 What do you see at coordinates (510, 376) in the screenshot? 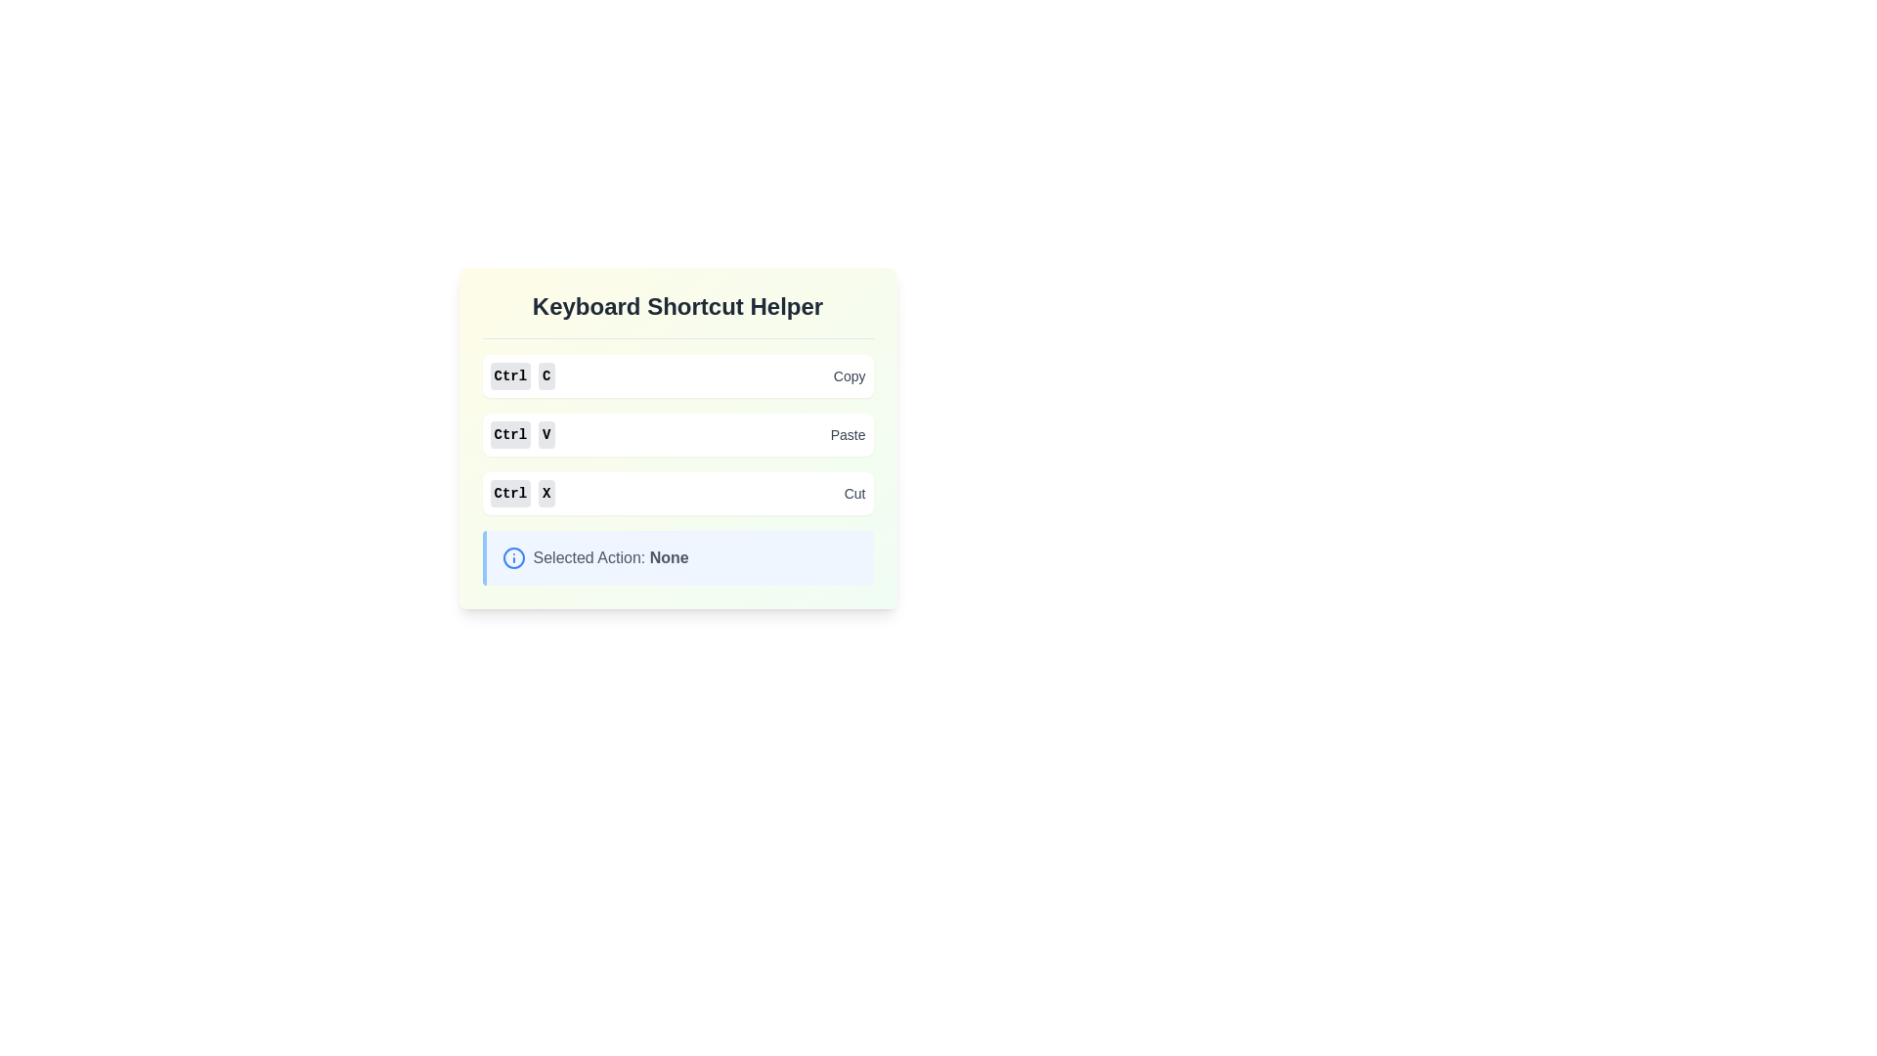
I see `the 'Ctrl' label-type UI element, which is a rectangular button with a light gray background and slightly rounded corners, located under the 'Keyboard Shortcut Helper' header` at bounding box center [510, 376].